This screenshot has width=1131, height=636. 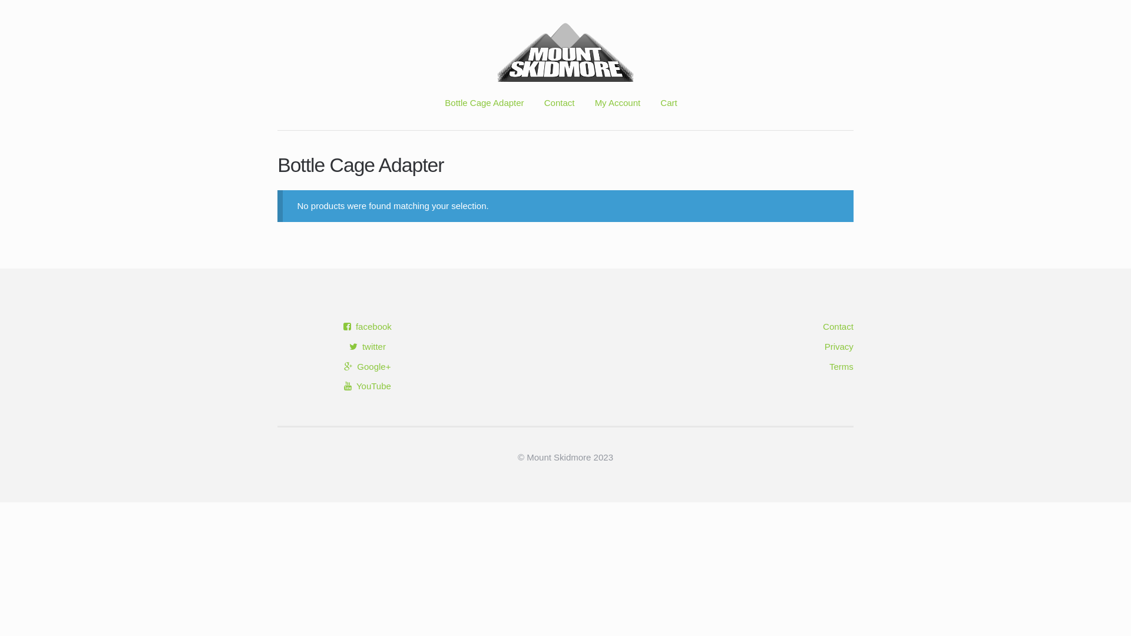 What do you see at coordinates (534, 113) in the screenshot?
I see `'Contact'` at bounding box center [534, 113].